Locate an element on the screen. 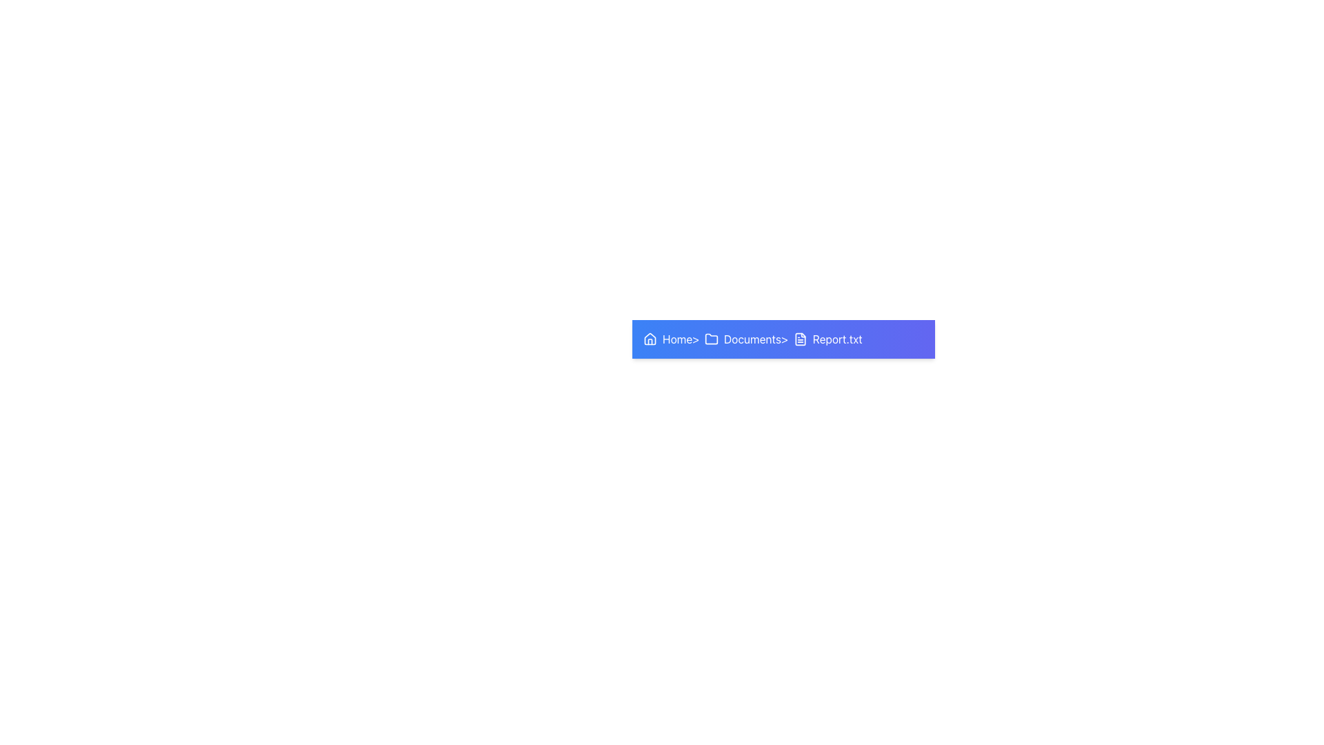  the file icon representing 'Report.txt' to observe its associated action or tooltip is located at coordinates (800, 339).